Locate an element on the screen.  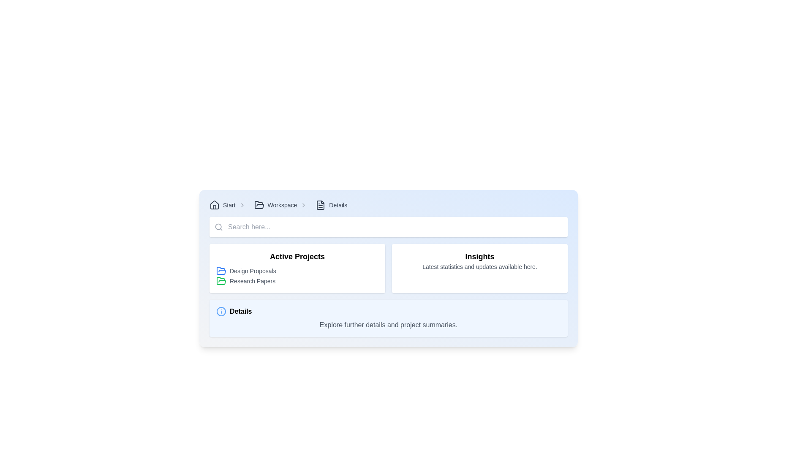
the 'Start' text label in the navigation link is located at coordinates (229, 205).